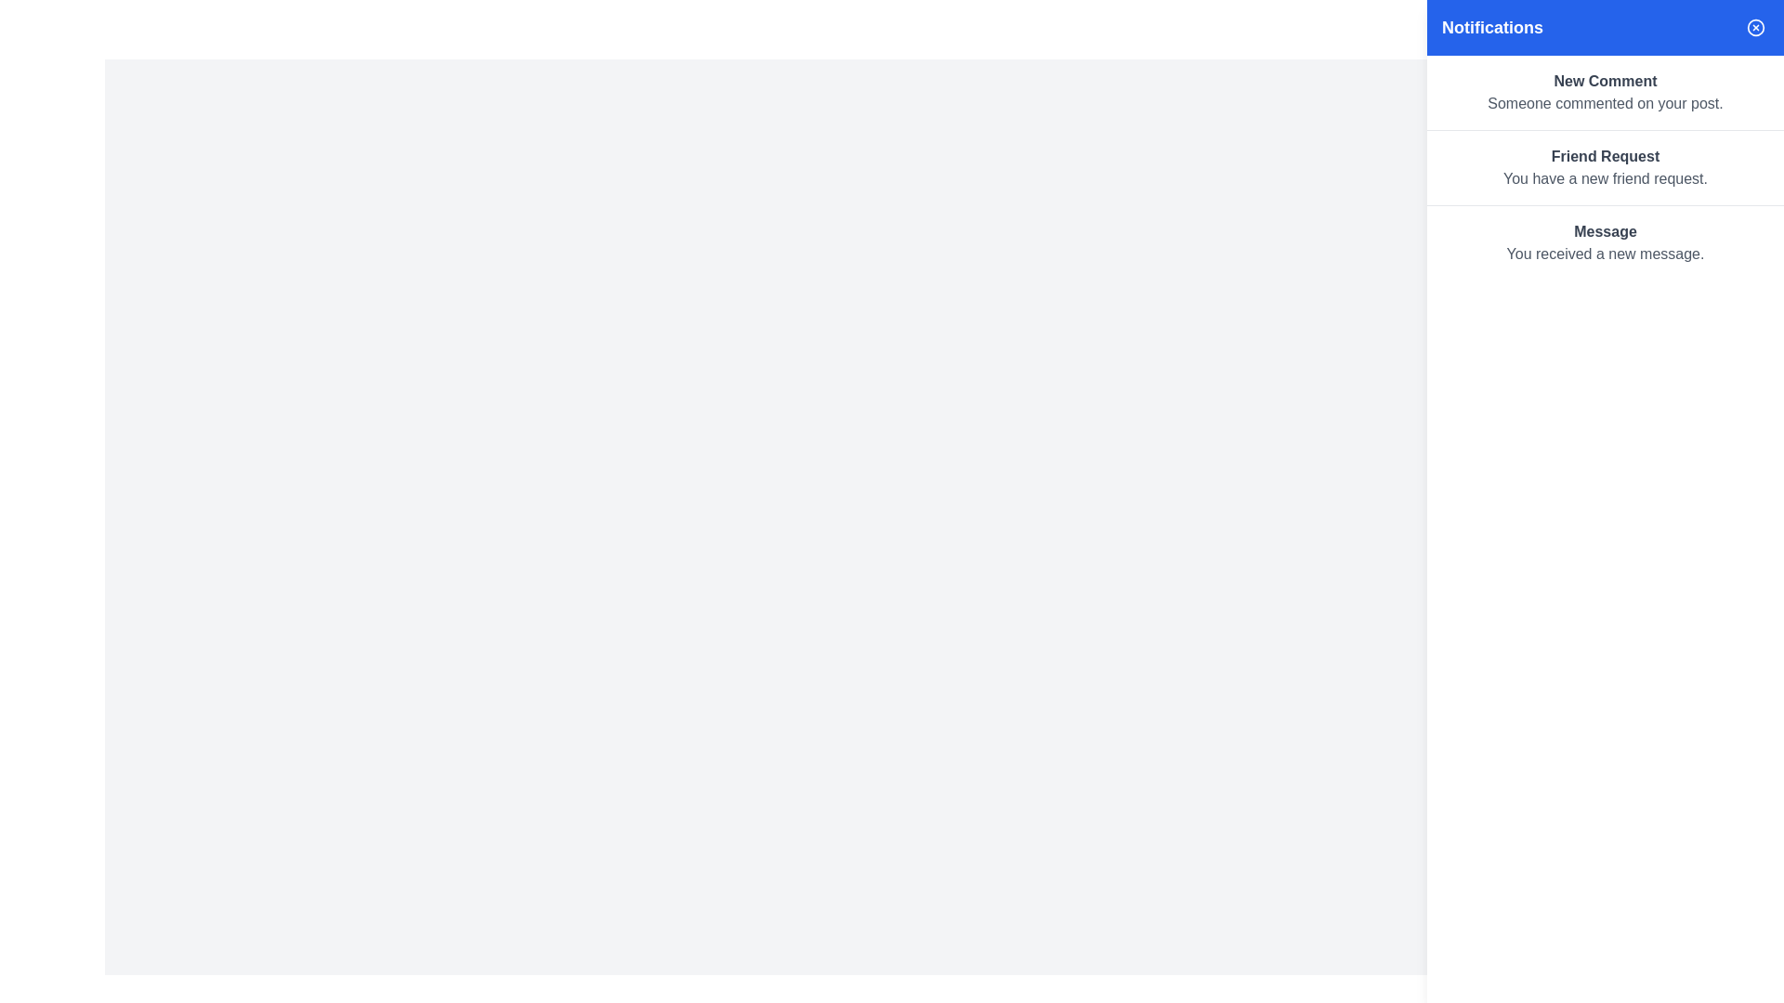 This screenshot has height=1003, width=1784. Describe the element at coordinates (1492, 28) in the screenshot. I see `the 'Notifications' header label, which is styled in bold with a blue background and white font color, located at the top bar of the interface` at that location.